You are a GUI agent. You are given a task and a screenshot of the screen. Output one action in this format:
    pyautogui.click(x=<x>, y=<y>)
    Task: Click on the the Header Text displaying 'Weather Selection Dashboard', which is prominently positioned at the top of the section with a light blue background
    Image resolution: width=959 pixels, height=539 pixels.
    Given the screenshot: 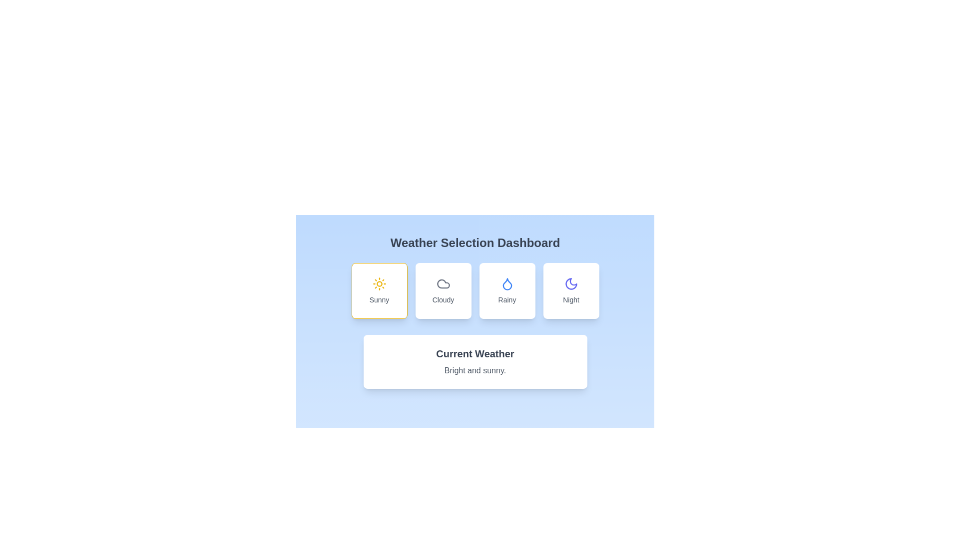 What is the action you would take?
    pyautogui.click(x=475, y=243)
    